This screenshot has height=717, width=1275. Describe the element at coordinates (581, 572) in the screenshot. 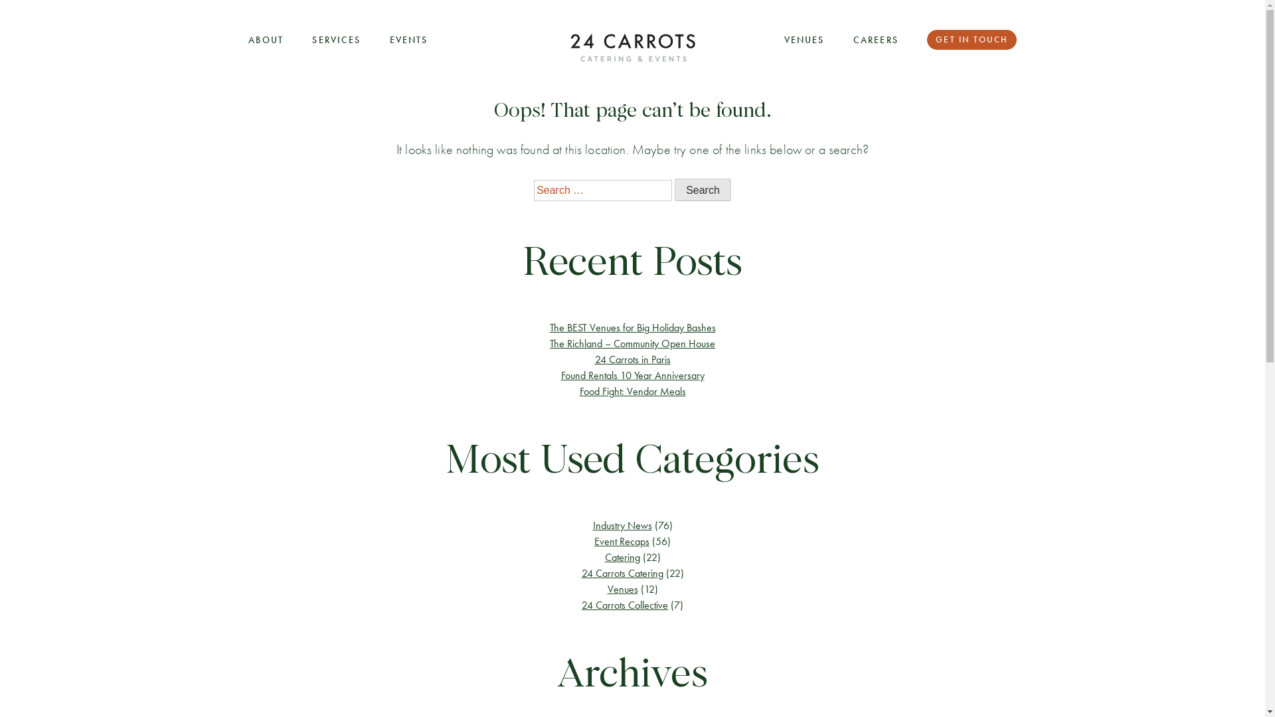

I see `'24 Carrots Catering'` at that location.